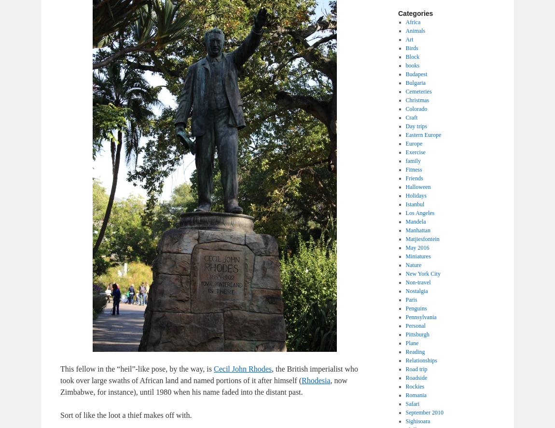 The image size is (555, 428). What do you see at coordinates (417, 334) in the screenshot?
I see `'Pittsburgh'` at bounding box center [417, 334].